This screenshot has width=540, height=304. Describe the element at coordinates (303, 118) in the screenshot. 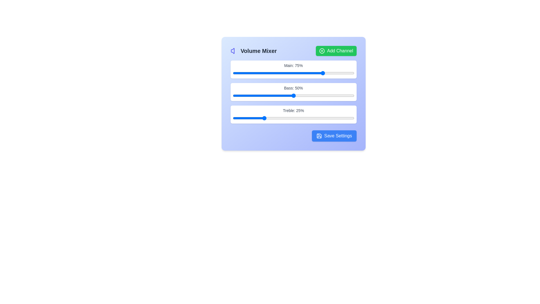

I see `treble` at that location.